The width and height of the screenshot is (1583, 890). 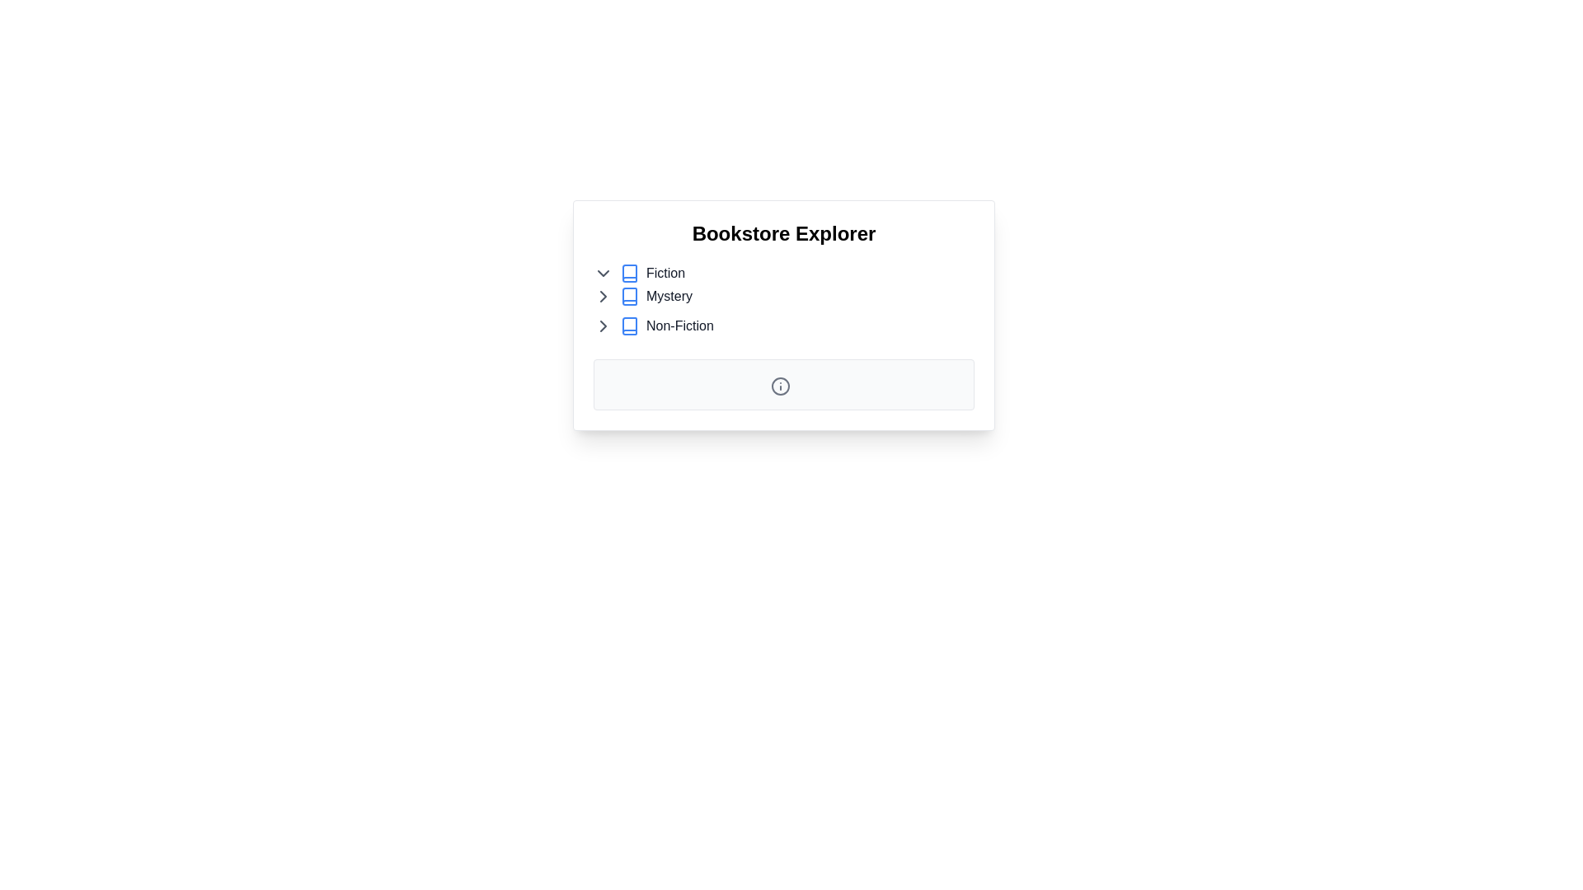 I want to click on the toggle icon for the 'Fiction' category, so click(x=602, y=272).